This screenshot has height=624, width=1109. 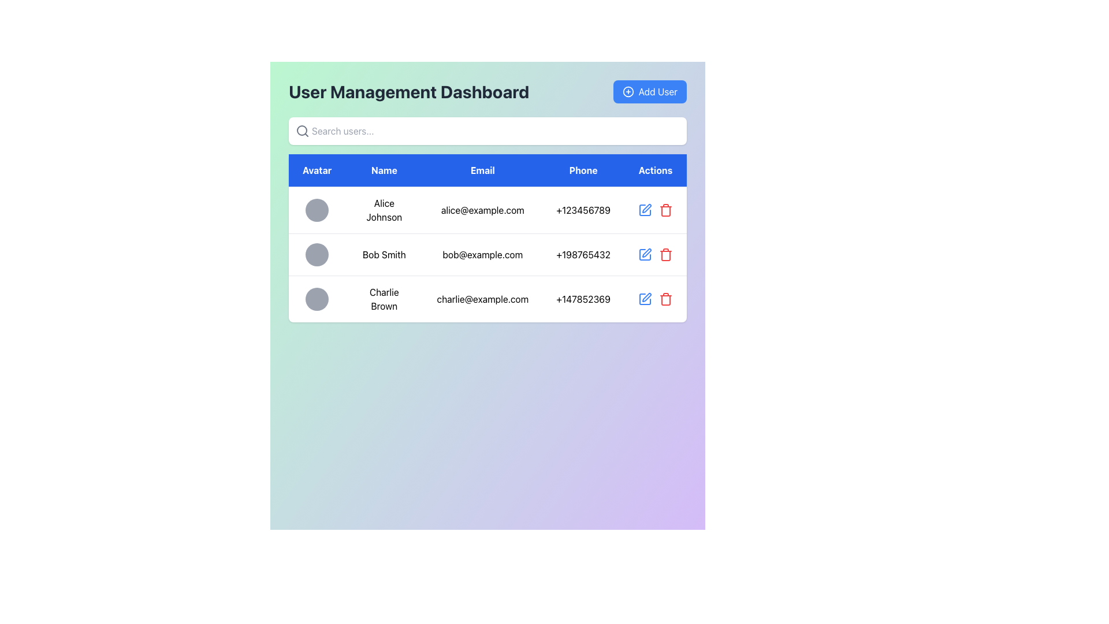 I want to click on the interactive control group of buttons/icons in the 'Actions' column, which includes an edit icon on the left and a delete icon on the right, located in the last row of the user management table aligned with 'Charlie Brown' and 'charlie@example.com', so click(x=655, y=298).